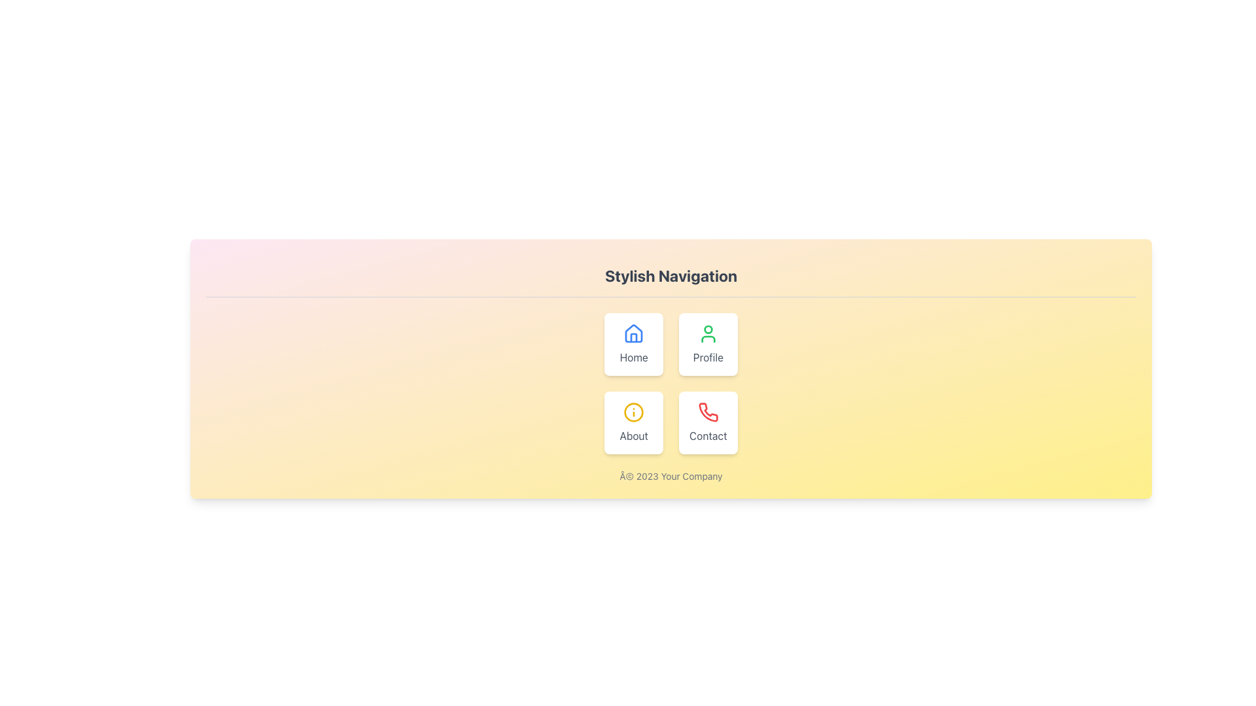 Image resolution: width=1256 pixels, height=706 pixels. What do you see at coordinates (634, 344) in the screenshot?
I see `the Navigation Button that features a blue outlined house icon and the word 'Home' in gray text, located in the upper-left quadrant of the navigation grid` at bounding box center [634, 344].